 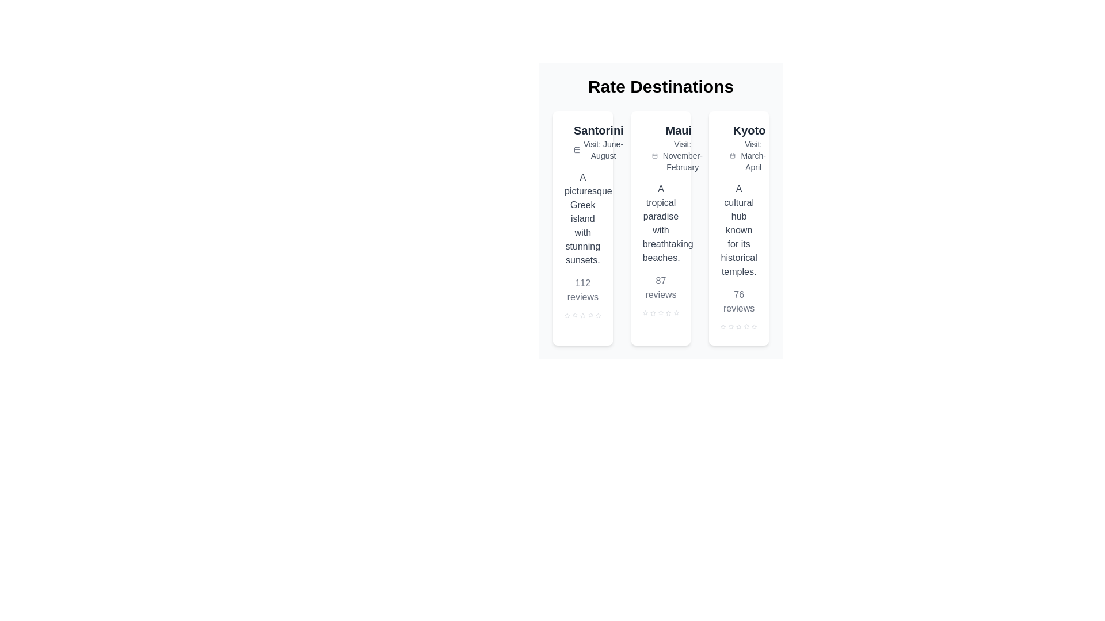 I want to click on the calendar icon, which has a square outline and vertical dashes at its top, located next to the text 'Visit: June-August' in the details card for 'Santorini', so click(x=577, y=149).